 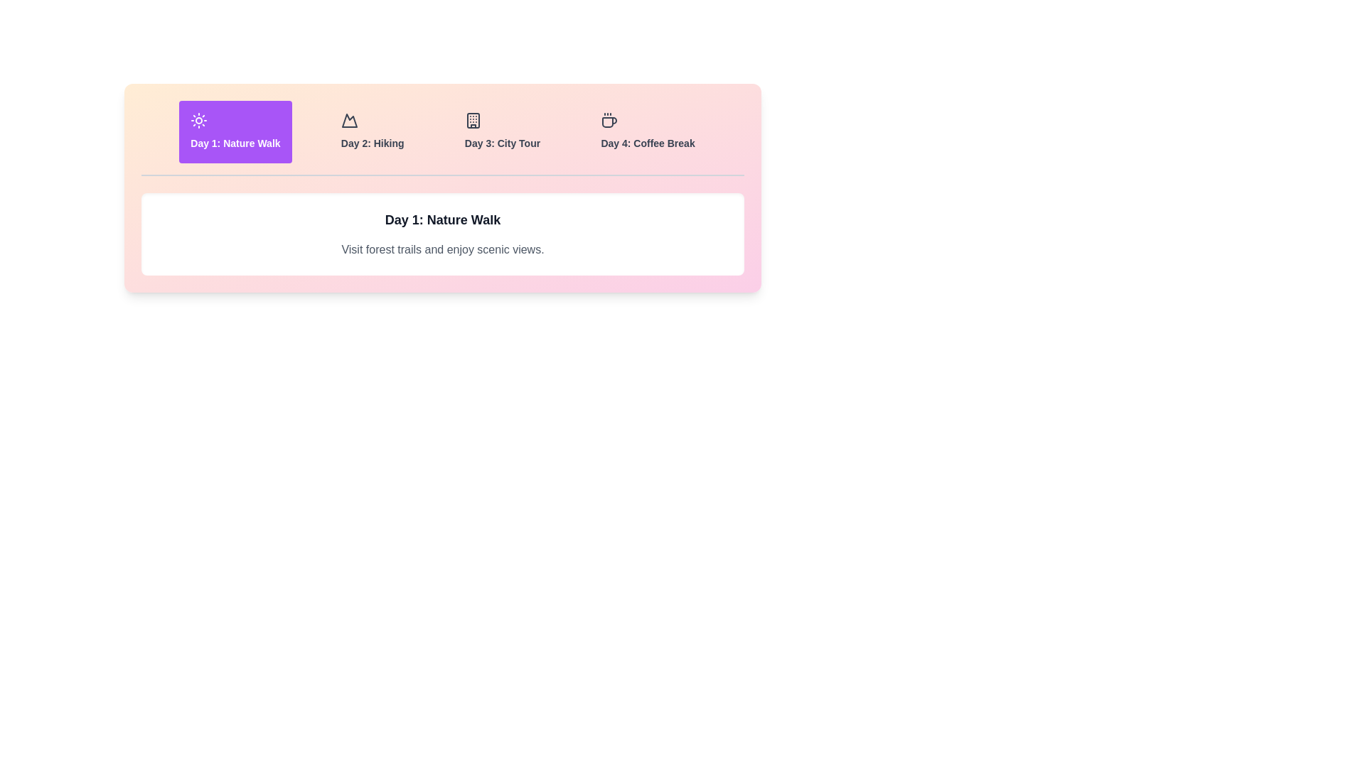 I want to click on the tab corresponding to Day 3: City Tour, so click(x=502, y=131).